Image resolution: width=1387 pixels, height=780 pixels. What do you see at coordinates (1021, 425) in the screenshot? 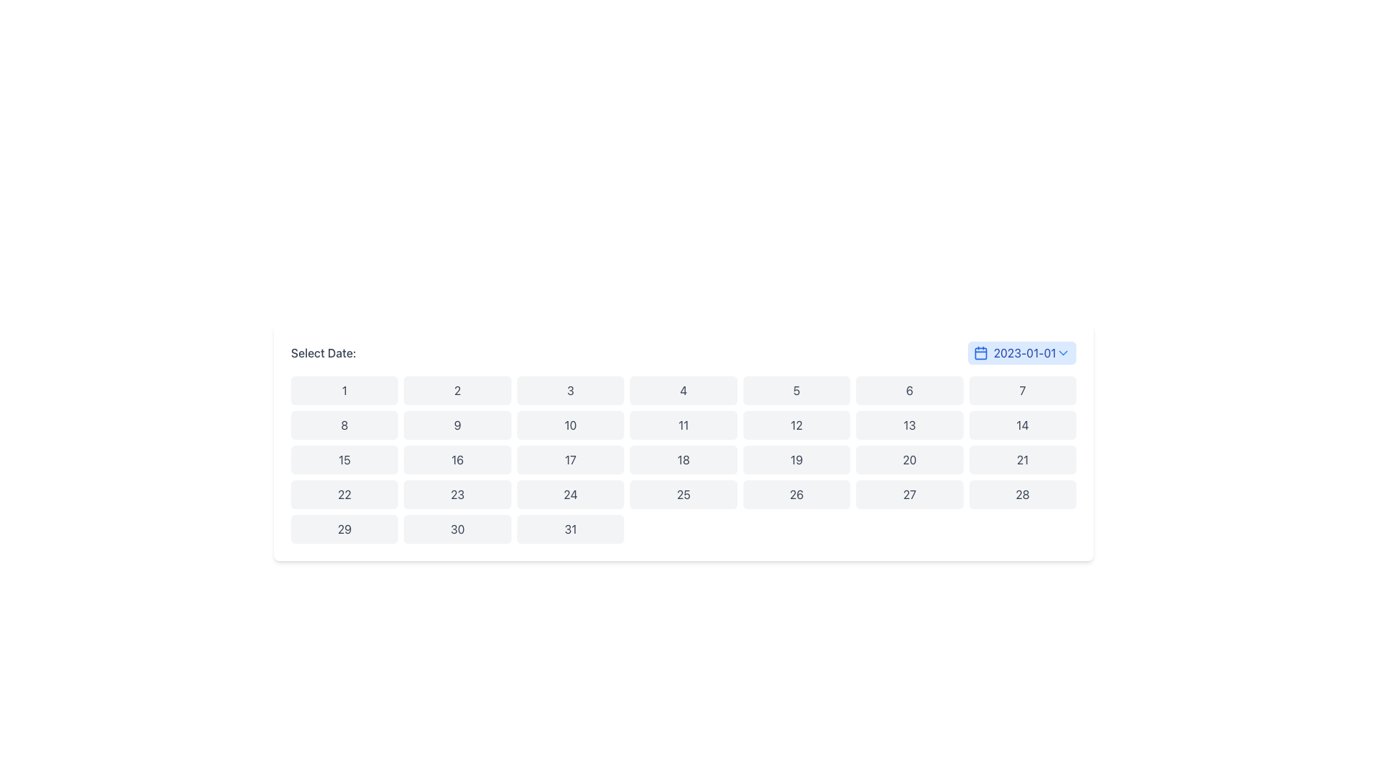
I see `the interactive date selector button representing the date '14' in the calendar interface` at bounding box center [1021, 425].